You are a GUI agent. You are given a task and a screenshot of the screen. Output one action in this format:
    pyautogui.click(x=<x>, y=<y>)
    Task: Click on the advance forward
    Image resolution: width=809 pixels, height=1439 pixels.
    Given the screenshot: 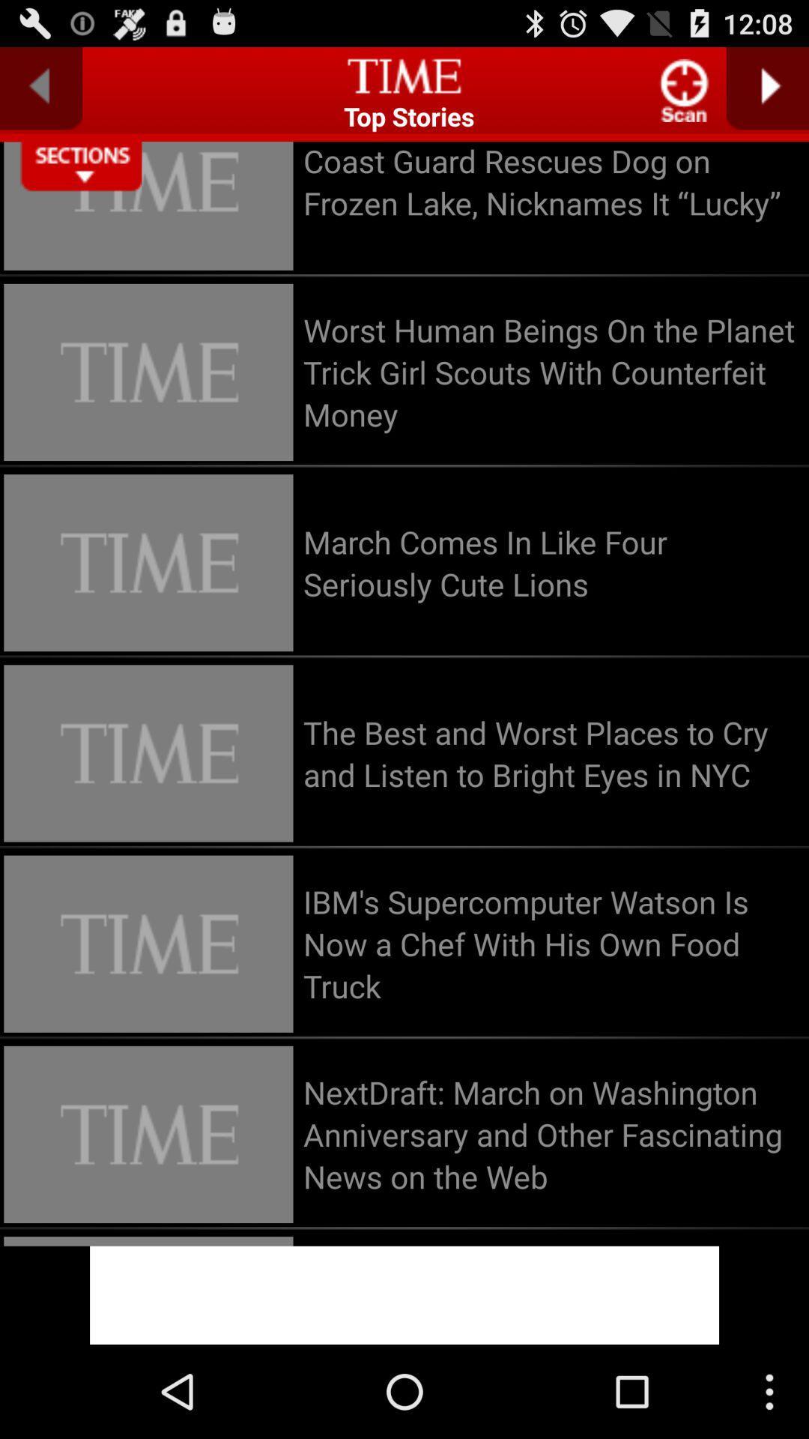 What is the action you would take?
    pyautogui.click(x=767, y=88)
    